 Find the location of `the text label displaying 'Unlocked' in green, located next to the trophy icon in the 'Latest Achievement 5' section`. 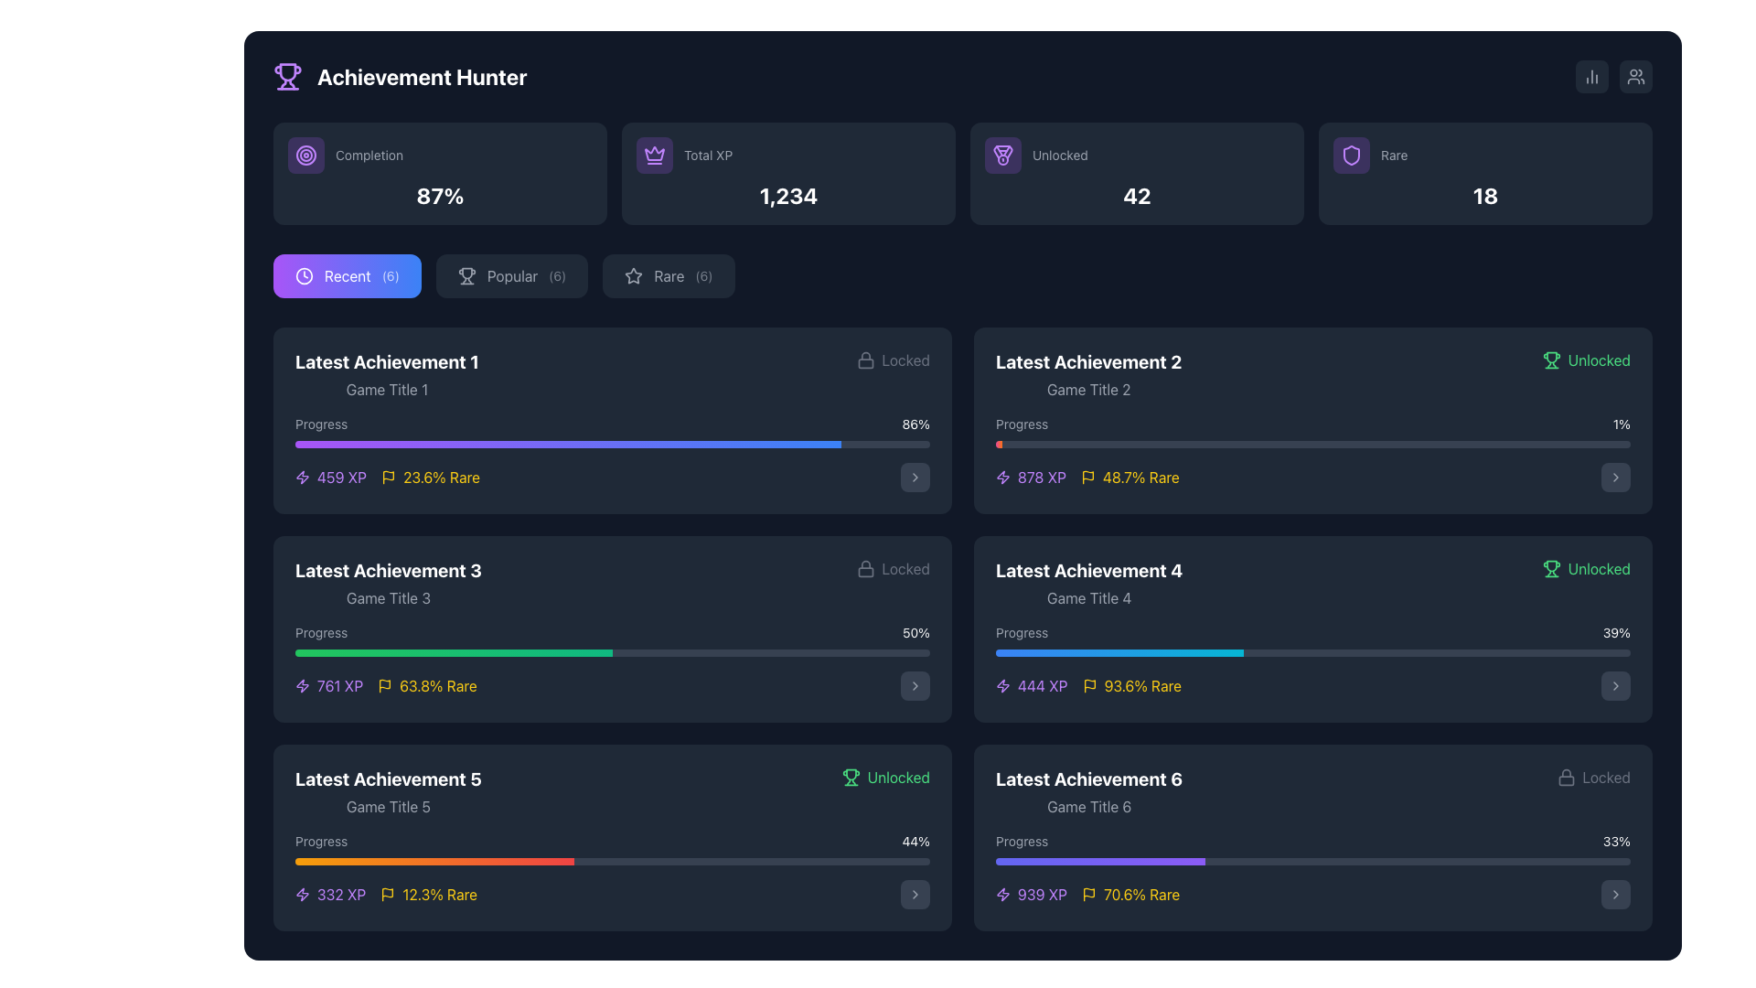

the text label displaying 'Unlocked' in green, located next to the trophy icon in the 'Latest Achievement 5' section is located at coordinates (898, 777).